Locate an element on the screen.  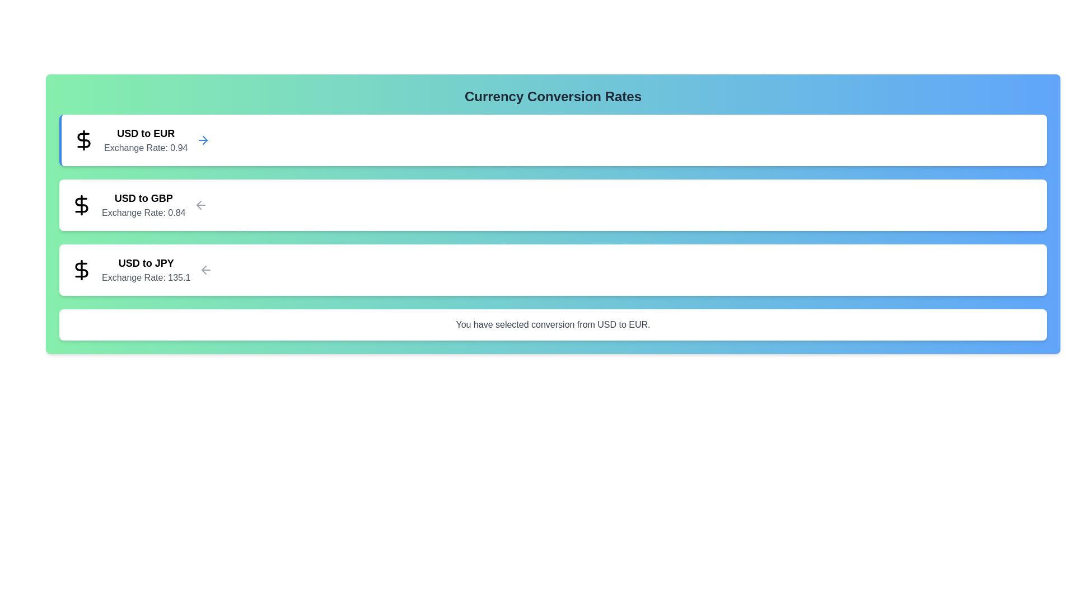
the dollar sign icon ('$') in the left margin of the 'USD to EUR Exchange Rate: 0.94' card, which is the first icon on the left side of the top card in a vertical list of three cards is located at coordinates (83, 139).